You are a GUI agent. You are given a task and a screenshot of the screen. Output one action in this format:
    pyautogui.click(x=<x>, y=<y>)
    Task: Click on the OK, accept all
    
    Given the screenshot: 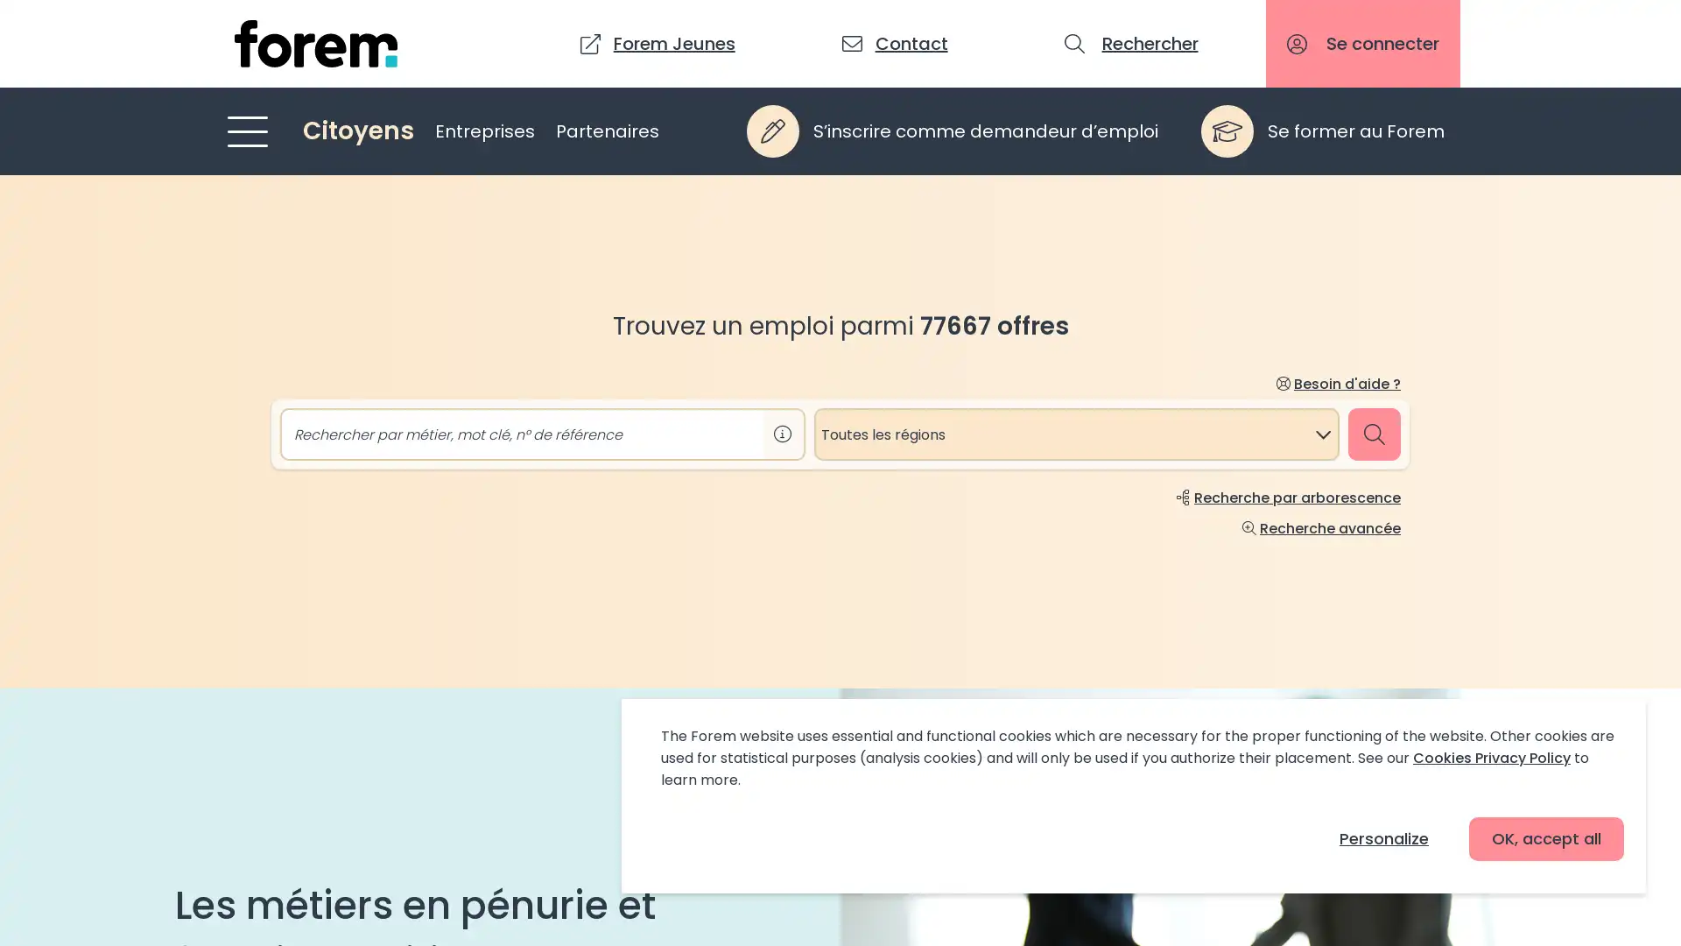 What is the action you would take?
    pyautogui.click(x=1546, y=837)
    